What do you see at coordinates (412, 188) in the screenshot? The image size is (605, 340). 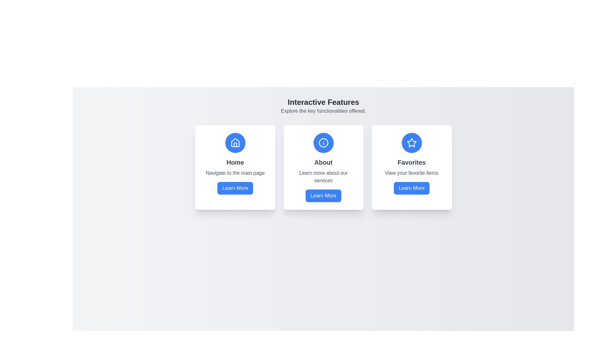 I see `the 'Learn More' button` at bounding box center [412, 188].